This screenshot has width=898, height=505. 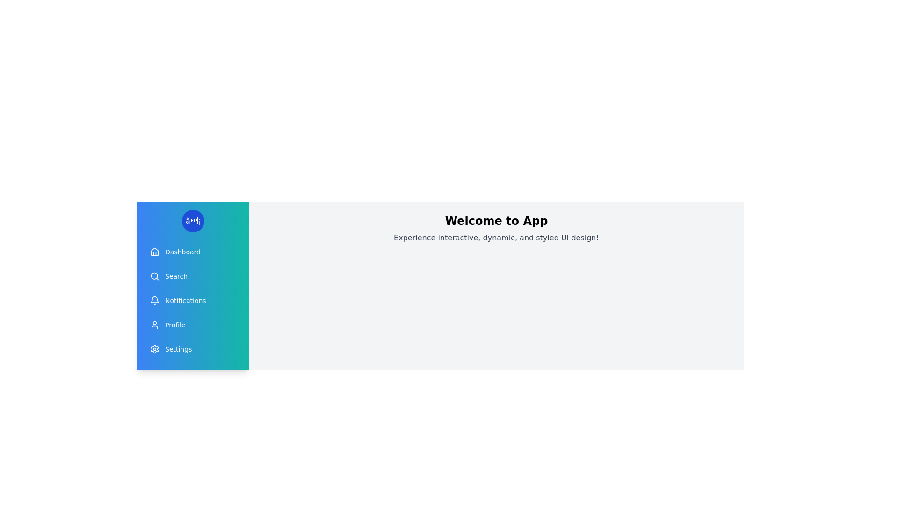 What do you see at coordinates (192, 275) in the screenshot?
I see `the menu item Search from the drawer` at bounding box center [192, 275].